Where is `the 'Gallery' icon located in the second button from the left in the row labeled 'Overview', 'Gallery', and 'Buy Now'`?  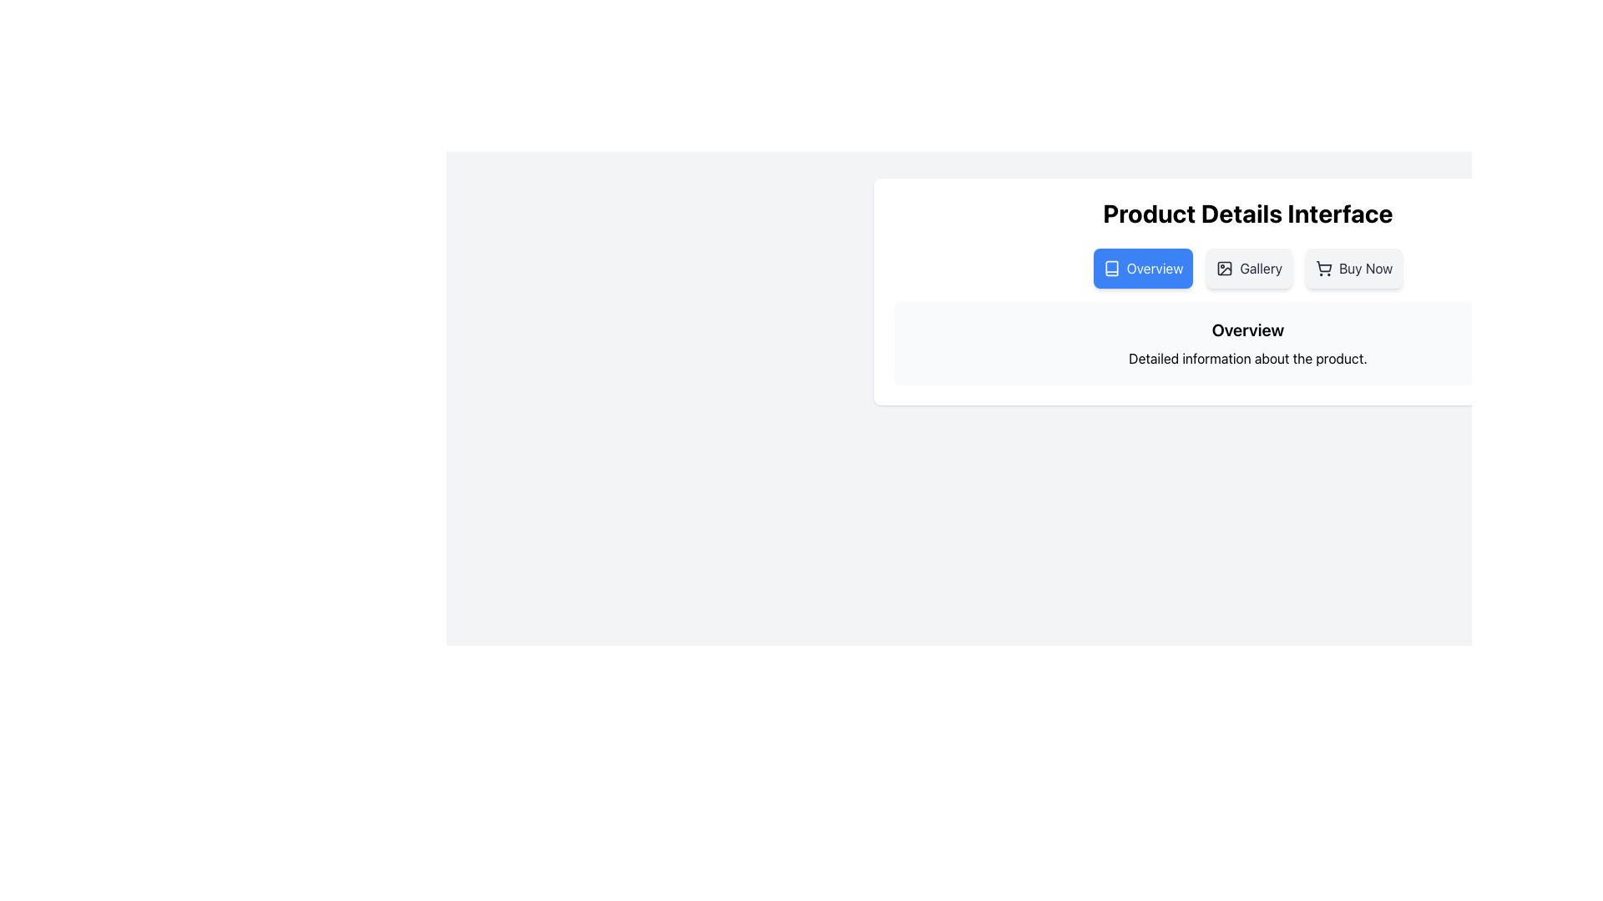
the 'Gallery' icon located in the second button from the left in the row labeled 'Overview', 'Gallery', and 'Buy Now' is located at coordinates (1225, 267).